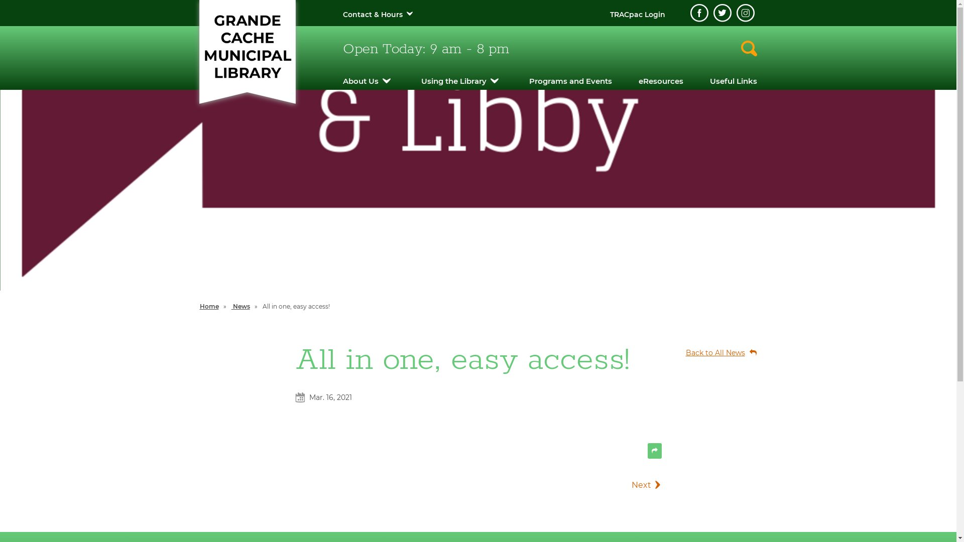 The image size is (964, 542). Describe the element at coordinates (342, 15) in the screenshot. I see `'Contact & Hours'` at that location.